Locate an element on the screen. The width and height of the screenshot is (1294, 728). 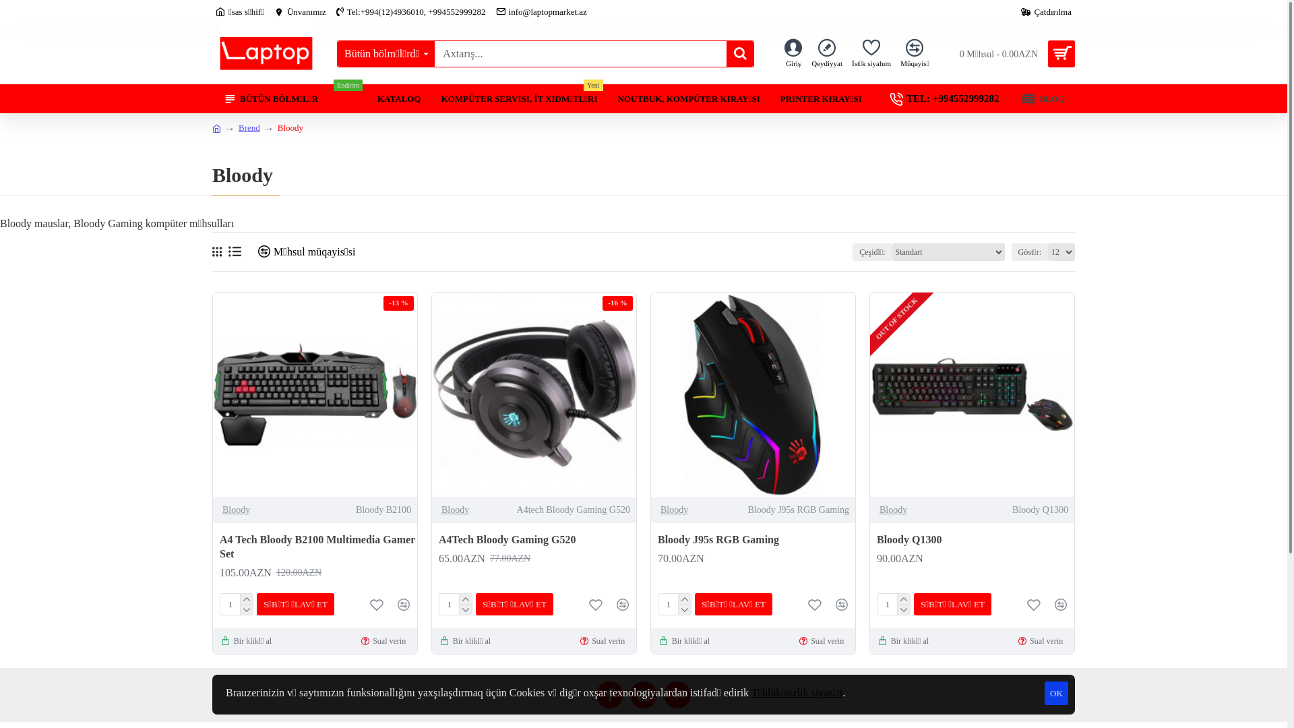
'BLOQ' is located at coordinates (1043, 98).